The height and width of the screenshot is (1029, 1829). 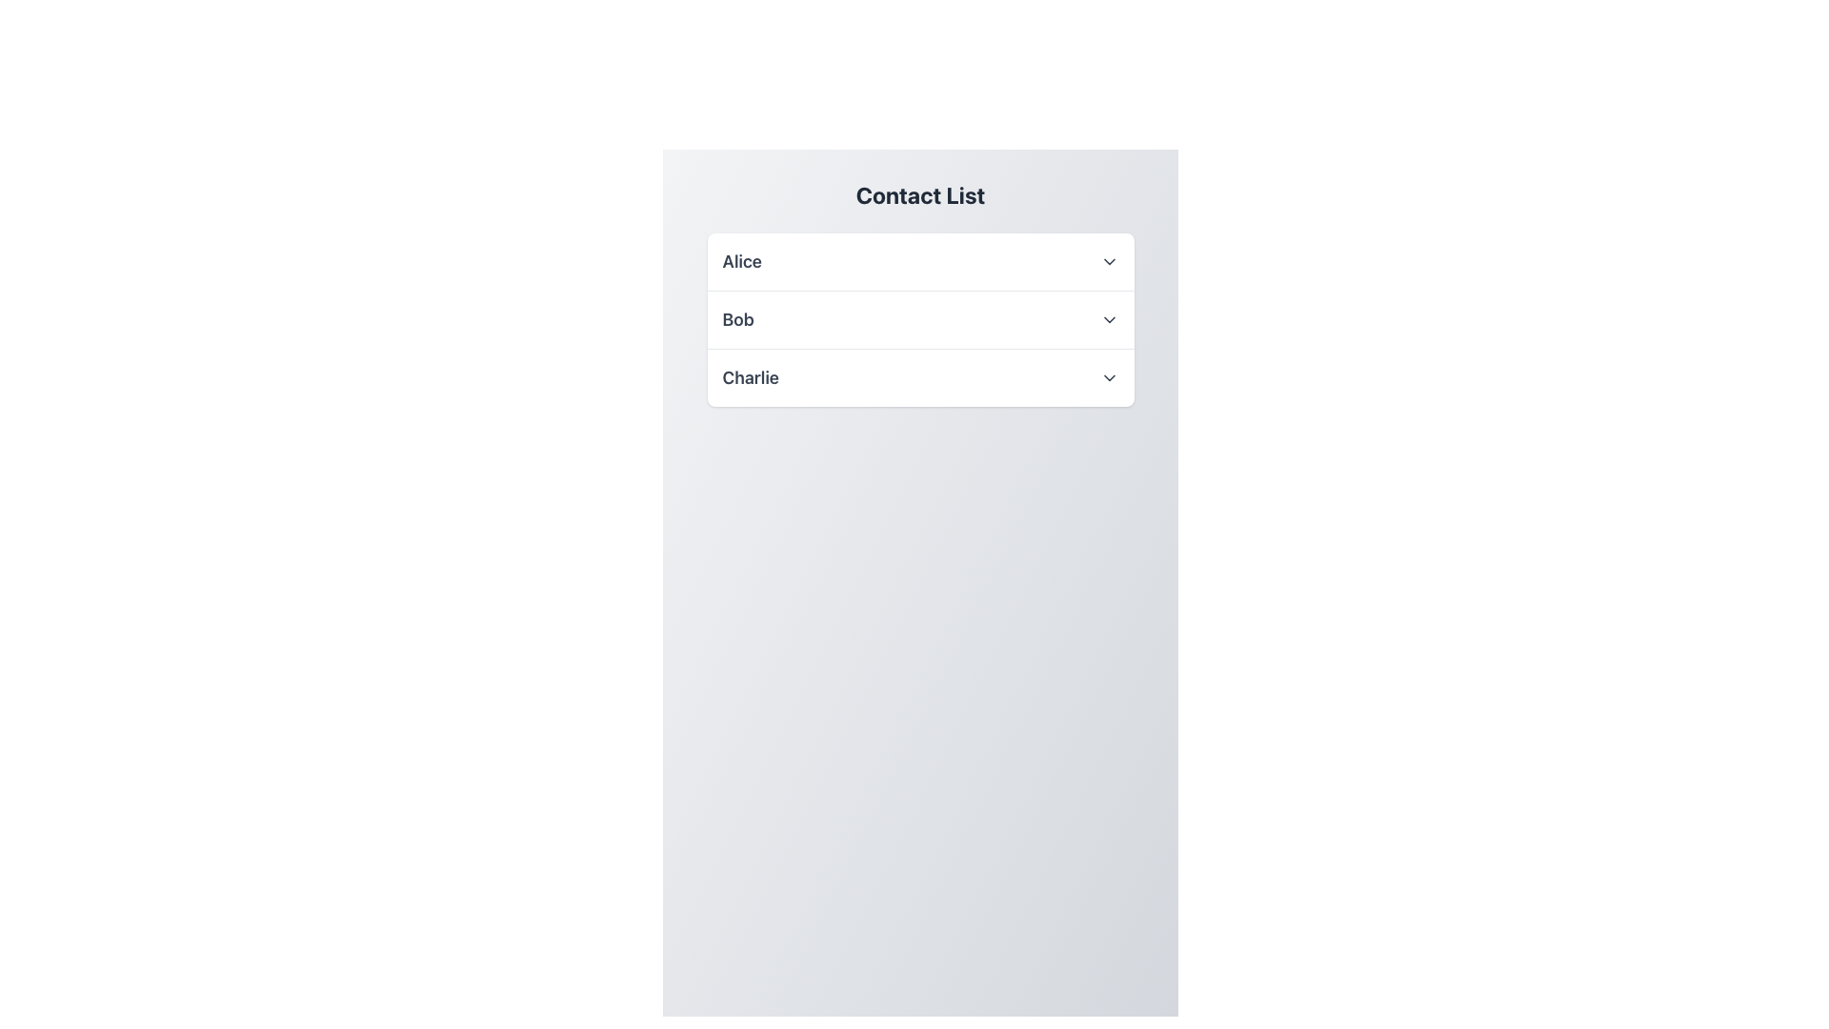 What do you see at coordinates (1109, 318) in the screenshot?
I see `the Chevron-down icon located to the right of the text 'Bob'` at bounding box center [1109, 318].